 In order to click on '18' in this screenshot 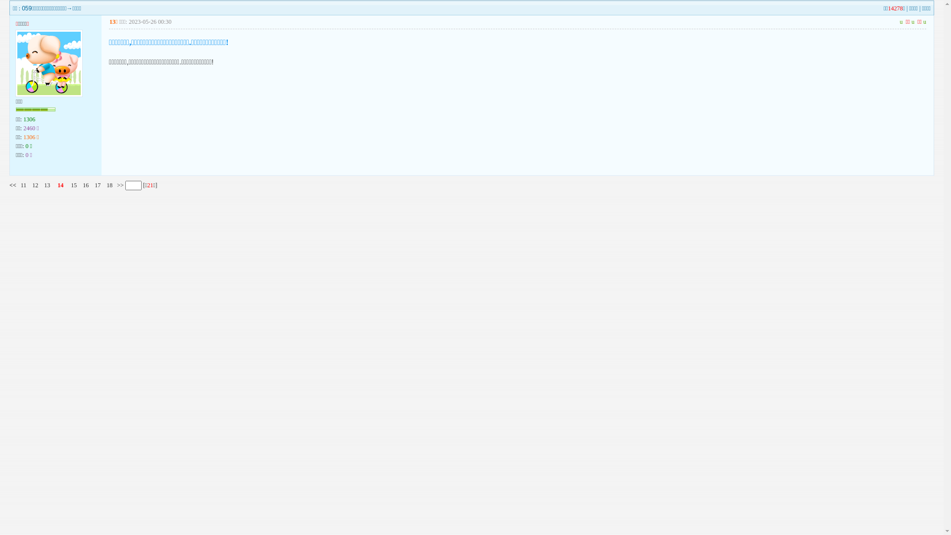, I will do `click(109, 185)`.